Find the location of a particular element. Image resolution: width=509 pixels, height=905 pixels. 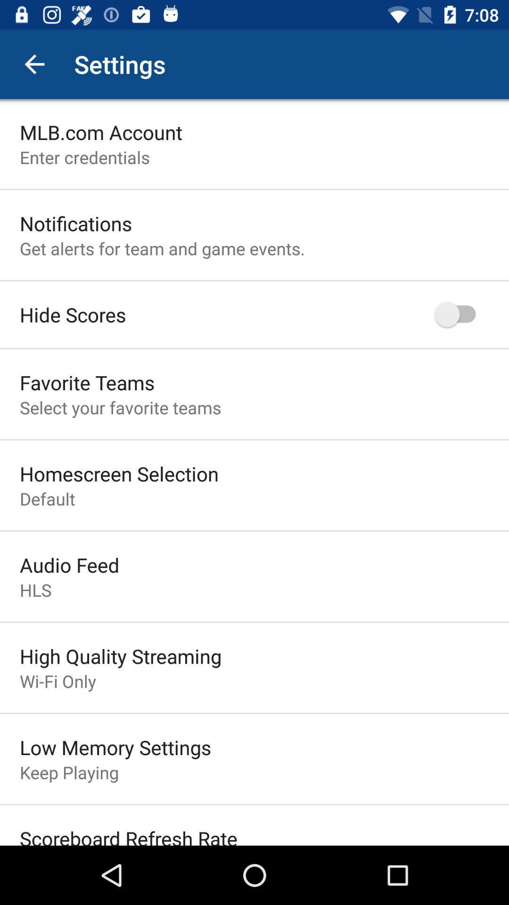

the item above notifications is located at coordinates (85, 157).